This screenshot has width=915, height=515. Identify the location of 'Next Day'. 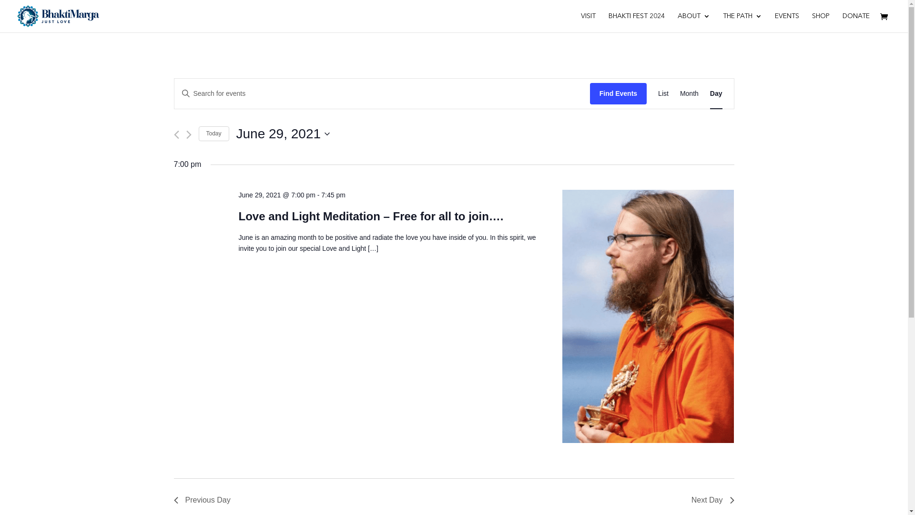
(713, 500).